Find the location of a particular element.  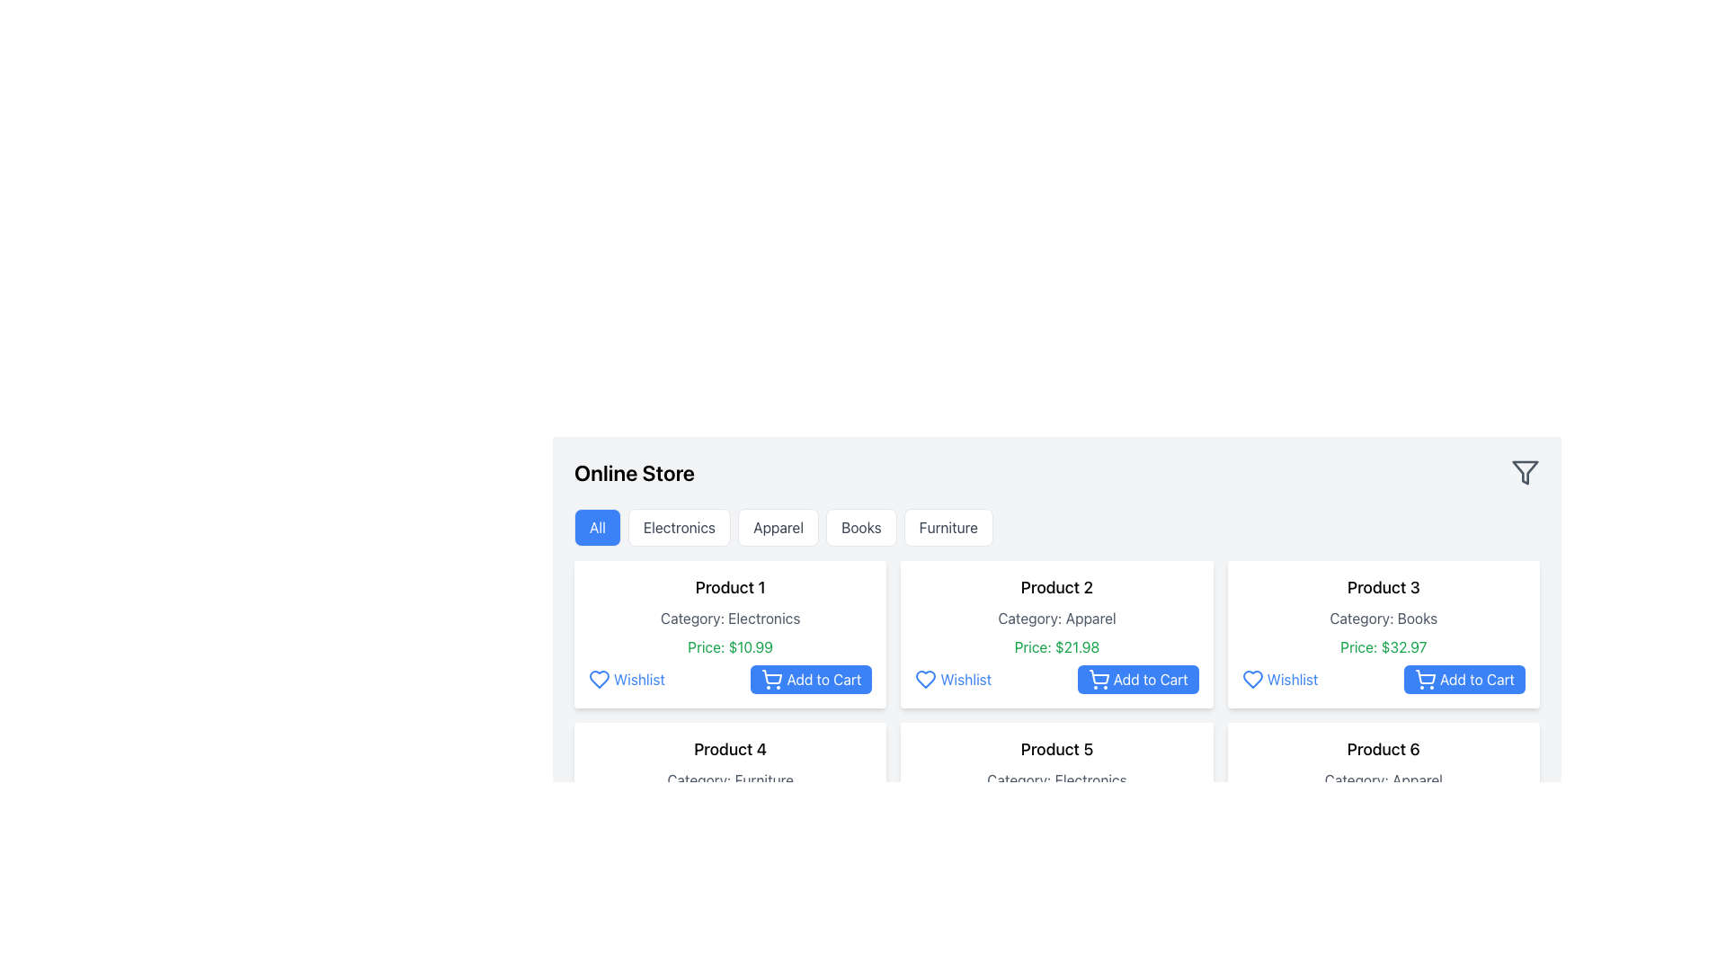

the static text label displaying the category of the product located under the 'Product 6' header in the product card layout is located at coordinates (1383, 779).